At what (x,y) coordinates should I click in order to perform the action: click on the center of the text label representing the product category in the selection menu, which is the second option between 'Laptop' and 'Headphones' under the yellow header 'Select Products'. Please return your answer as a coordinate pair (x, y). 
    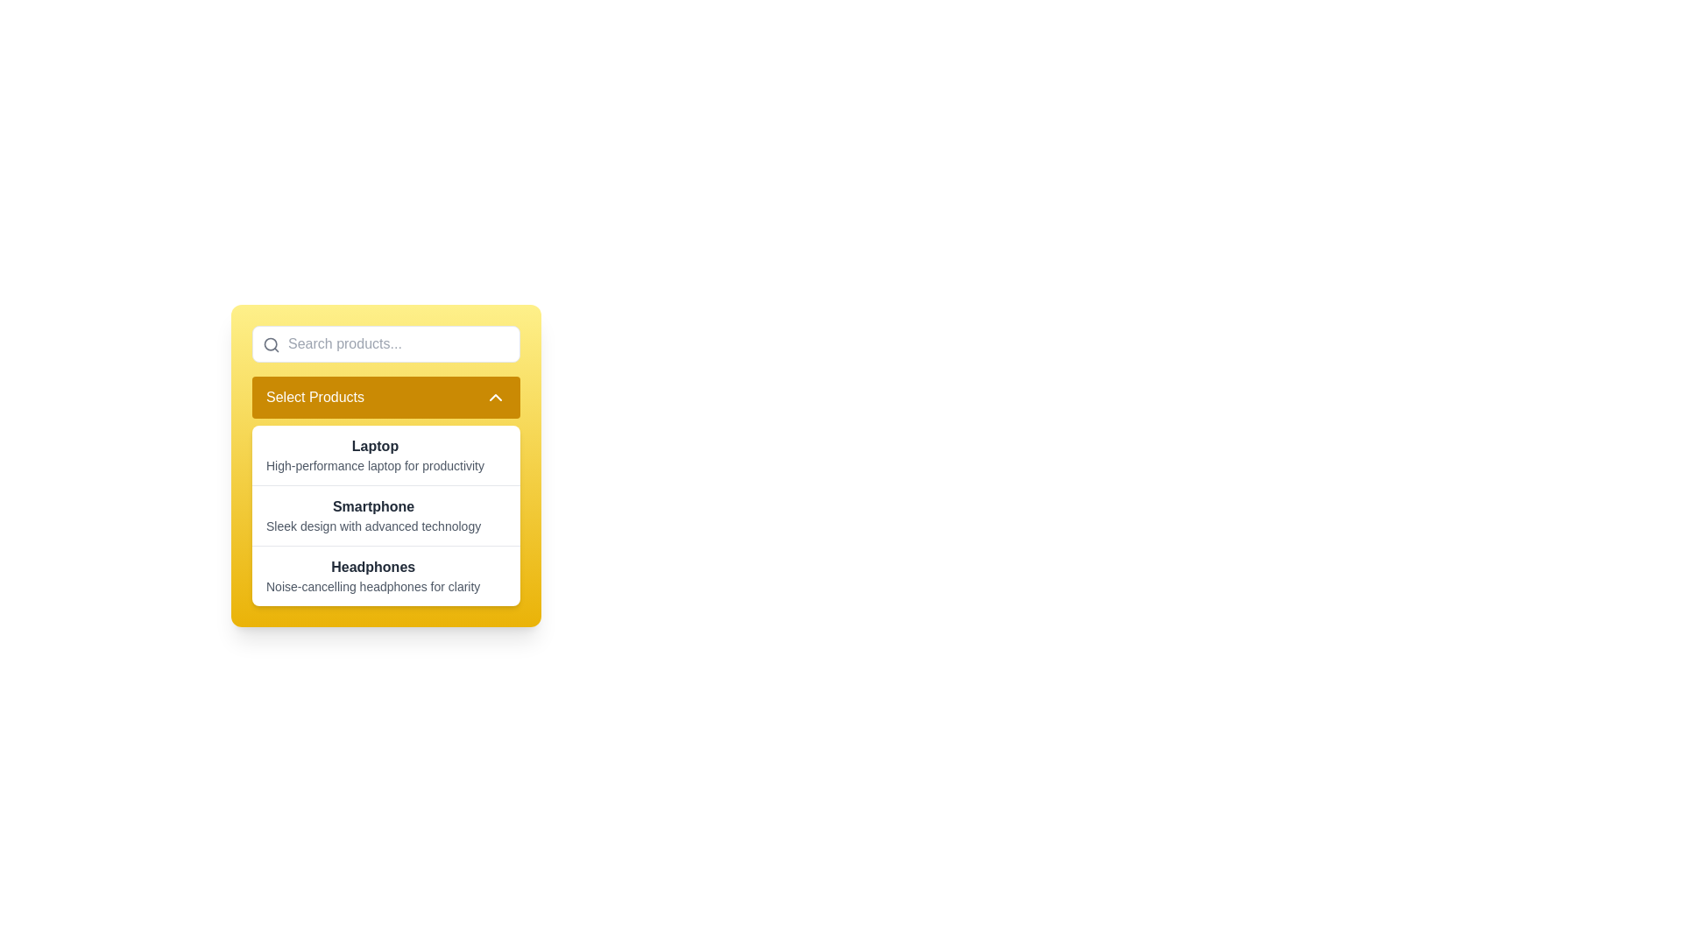
    Looking at the image, I should click on (372, 515).